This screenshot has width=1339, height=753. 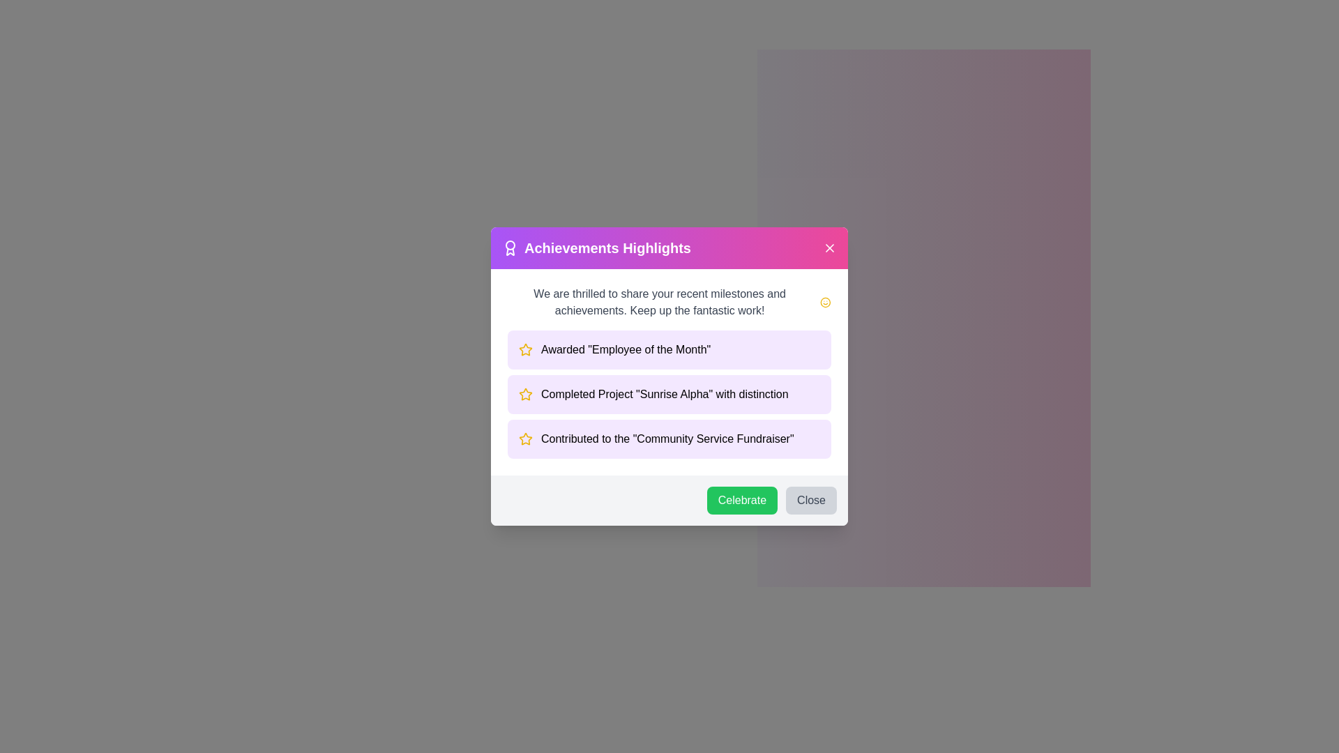 I want to click on the 'Celebrate' button located at the bottom-right corner of the modal dialog box, immediately to the left of the grey 'Close' button, so click(x=741, y=499).